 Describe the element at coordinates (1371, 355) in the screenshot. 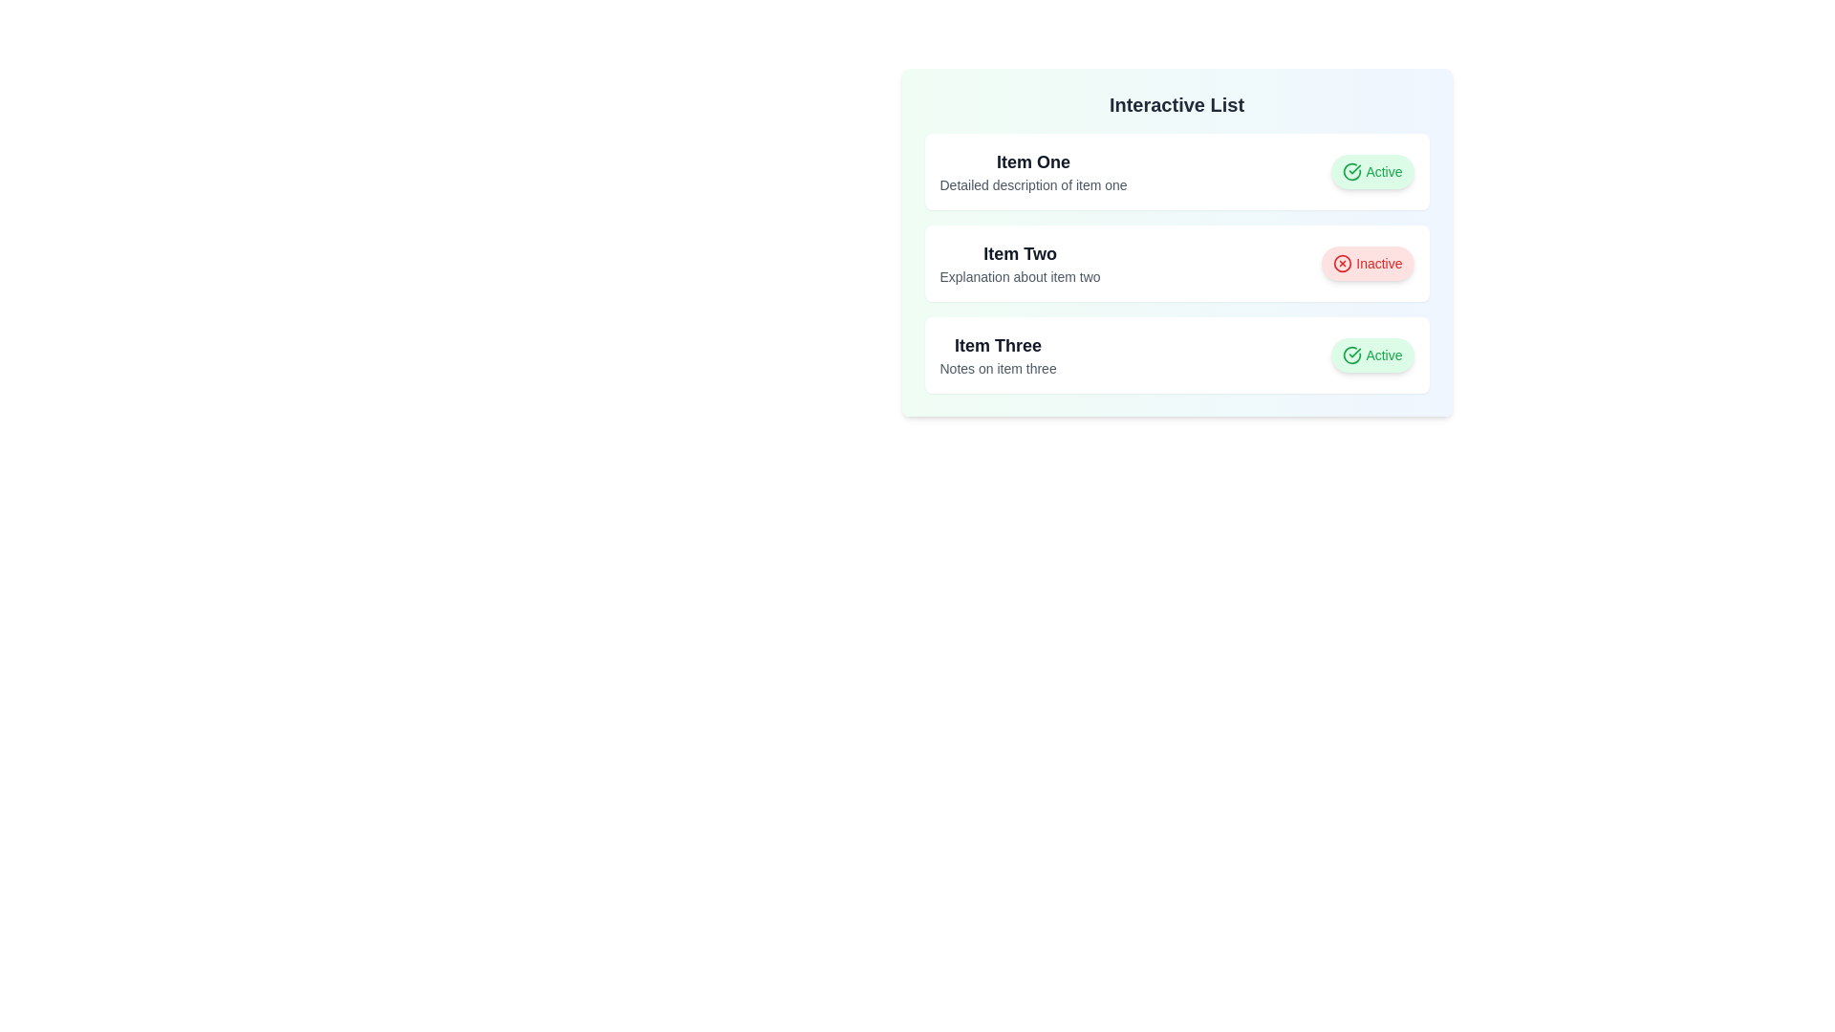

I see `the item by clicking the button associated with Item Three` at that location.